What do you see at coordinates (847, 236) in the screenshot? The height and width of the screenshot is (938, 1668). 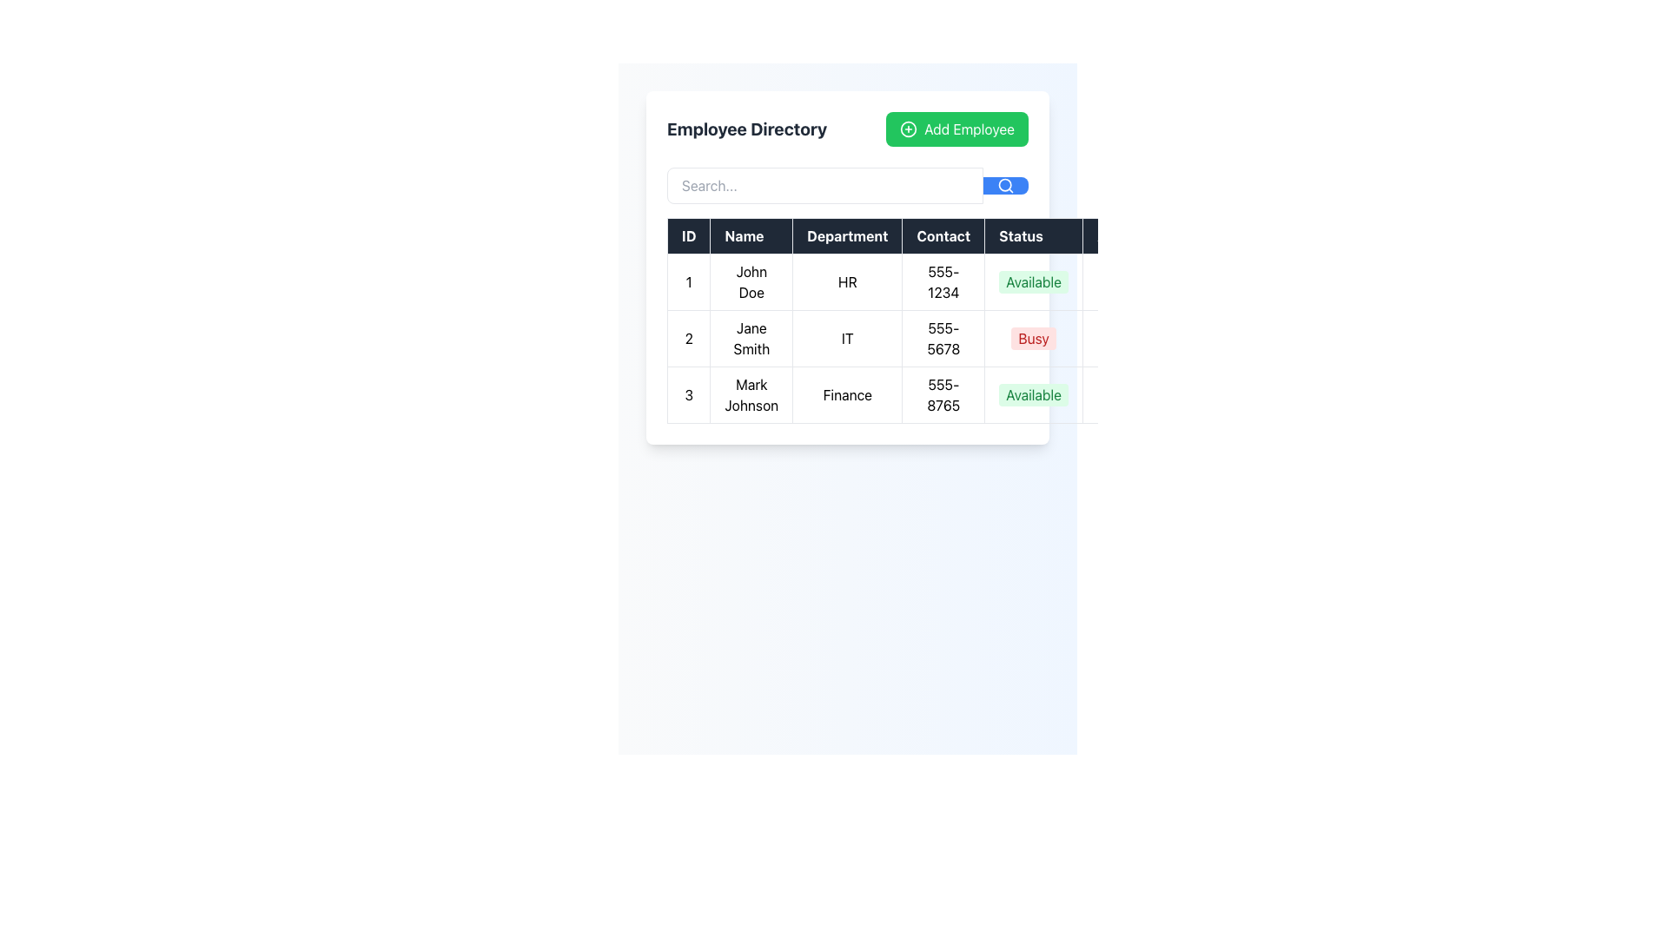 I see `the table header cell labeled 'Department', which is the third column header in the table, positioned between 'Name' and 'Contact'` at bounding box center [847, 236].